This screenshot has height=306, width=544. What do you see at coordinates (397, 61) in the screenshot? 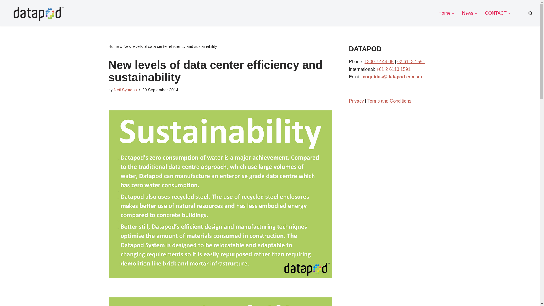
I see `'02 6113 1591'` at bounding box center [397, 61].